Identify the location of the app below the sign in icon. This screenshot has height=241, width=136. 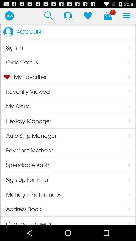
(19, 62).